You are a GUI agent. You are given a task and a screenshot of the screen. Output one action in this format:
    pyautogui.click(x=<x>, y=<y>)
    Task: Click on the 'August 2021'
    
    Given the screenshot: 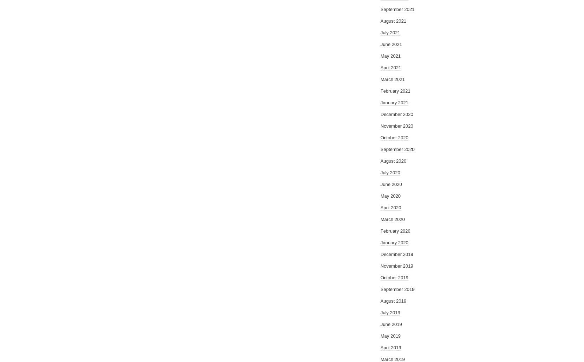 What is the action you would take?
    pyautogui.click(x=393, y=21)
    